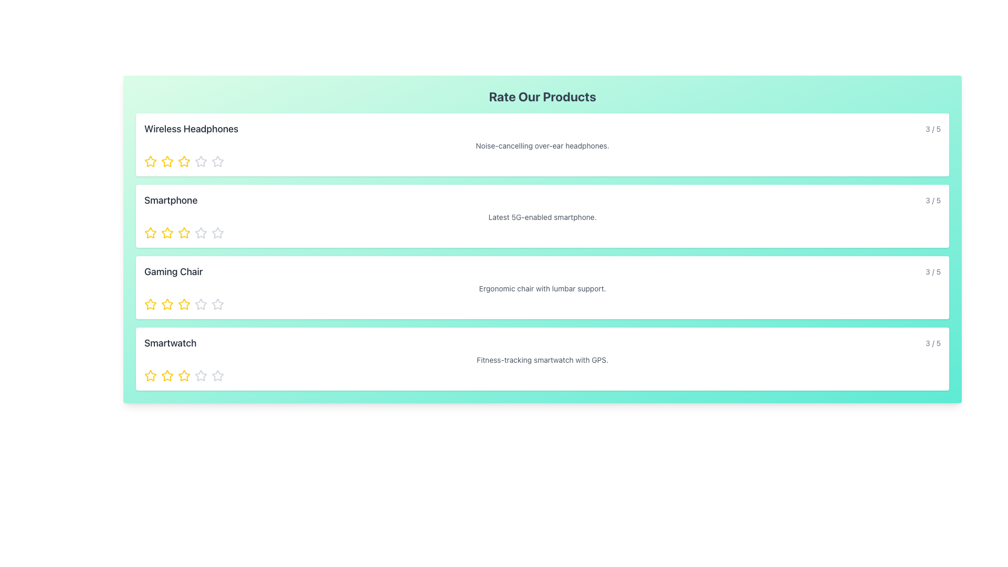 This screenshot has width=1008, height=567. Describe the element at coordinates (542, 360) in the screenshot. I see `the Text Label that provides supplementary information about the smartwatch product, located in the 'Smartwatch' section, below the product name and rating` at that location.